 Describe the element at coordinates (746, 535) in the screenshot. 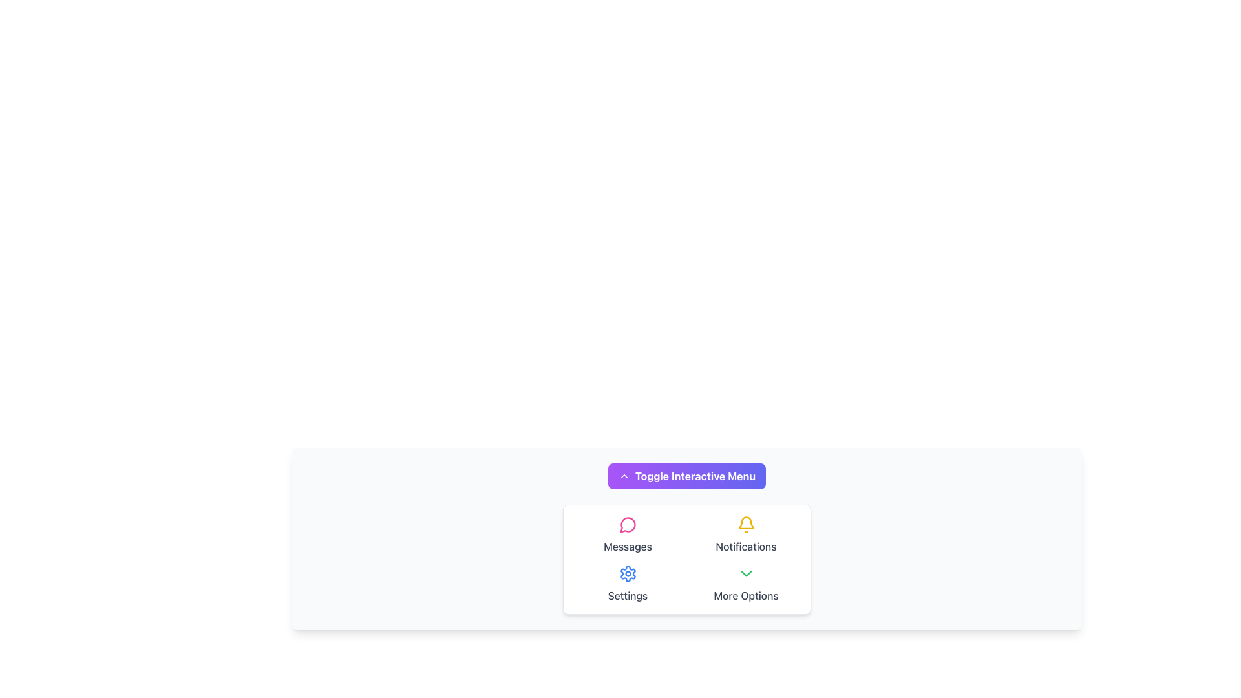

I see `the yellow bell icon labeled 'Notifications'` at that location.